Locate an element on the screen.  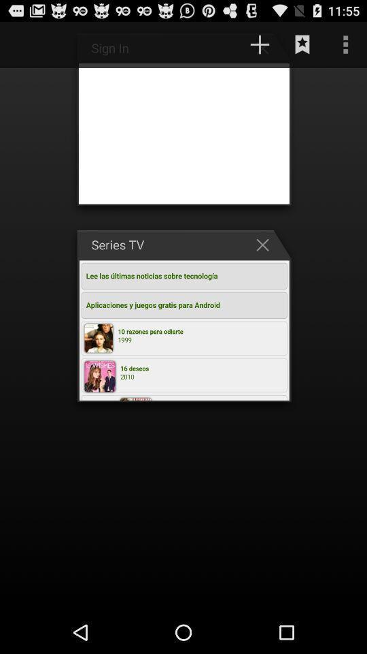
the bookmark icon is located at coordinates (302, 48).